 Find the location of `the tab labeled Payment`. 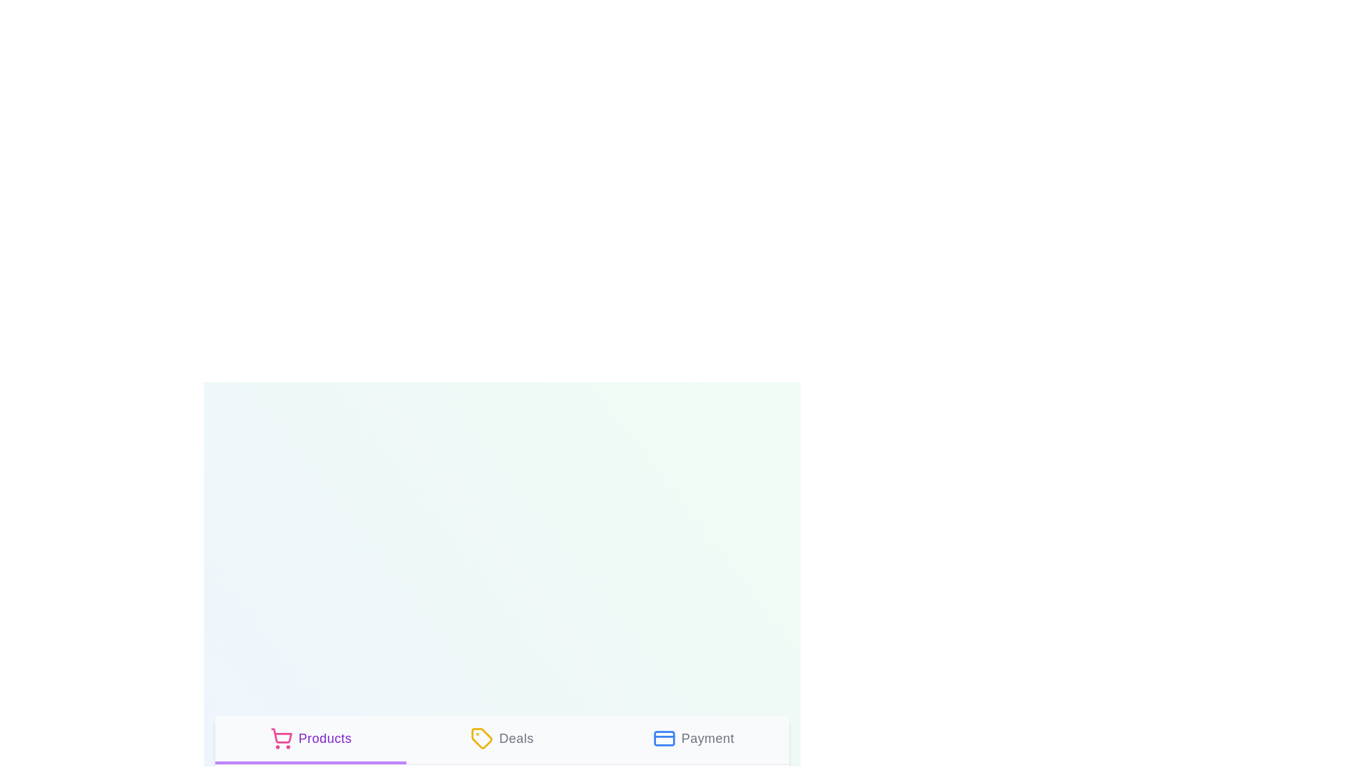

the tab labeled Payment is located at coordinates (693, 739).